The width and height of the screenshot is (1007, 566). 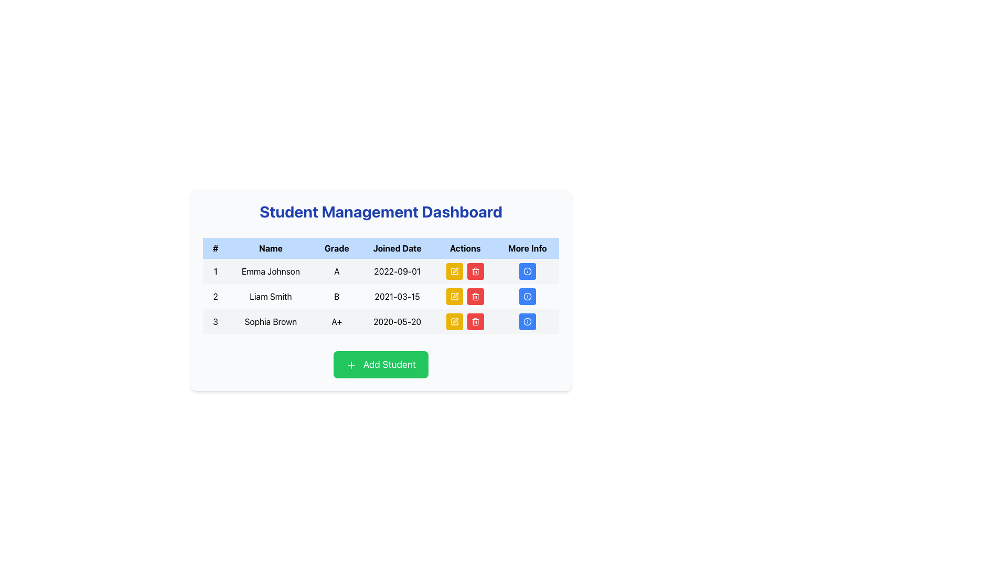 What do you see at coordinates (455, 270) in the screenshot?
I see `the pen icon button located in the 'Actions' column of the first row in the student information table to indicate interactivity` at bounding box center [455, 270].